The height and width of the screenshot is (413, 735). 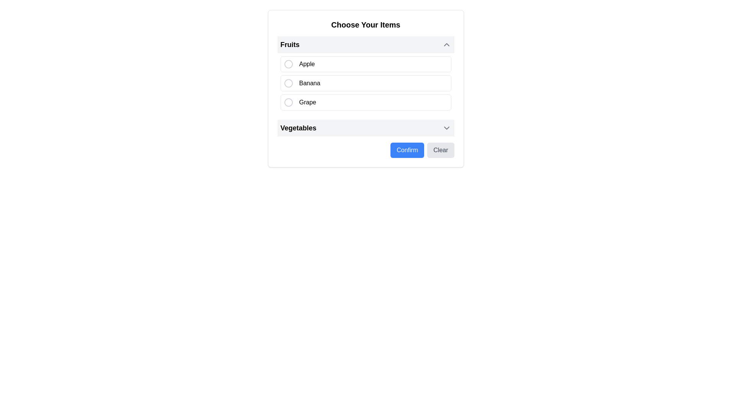 What do you see at coordinates (365, 64) in the screenshot?
I see `the 'Apple' option` at bounding box center [365, 64].